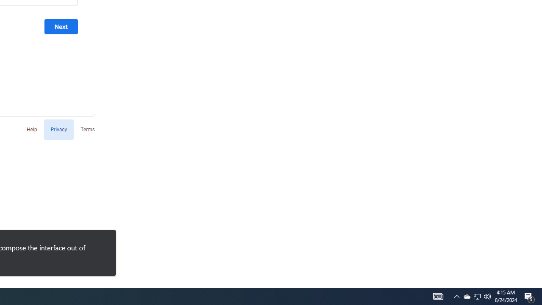 The height and width of the screenshot is (305, 542). I want to click on 'Privacy', so click(58, 129).